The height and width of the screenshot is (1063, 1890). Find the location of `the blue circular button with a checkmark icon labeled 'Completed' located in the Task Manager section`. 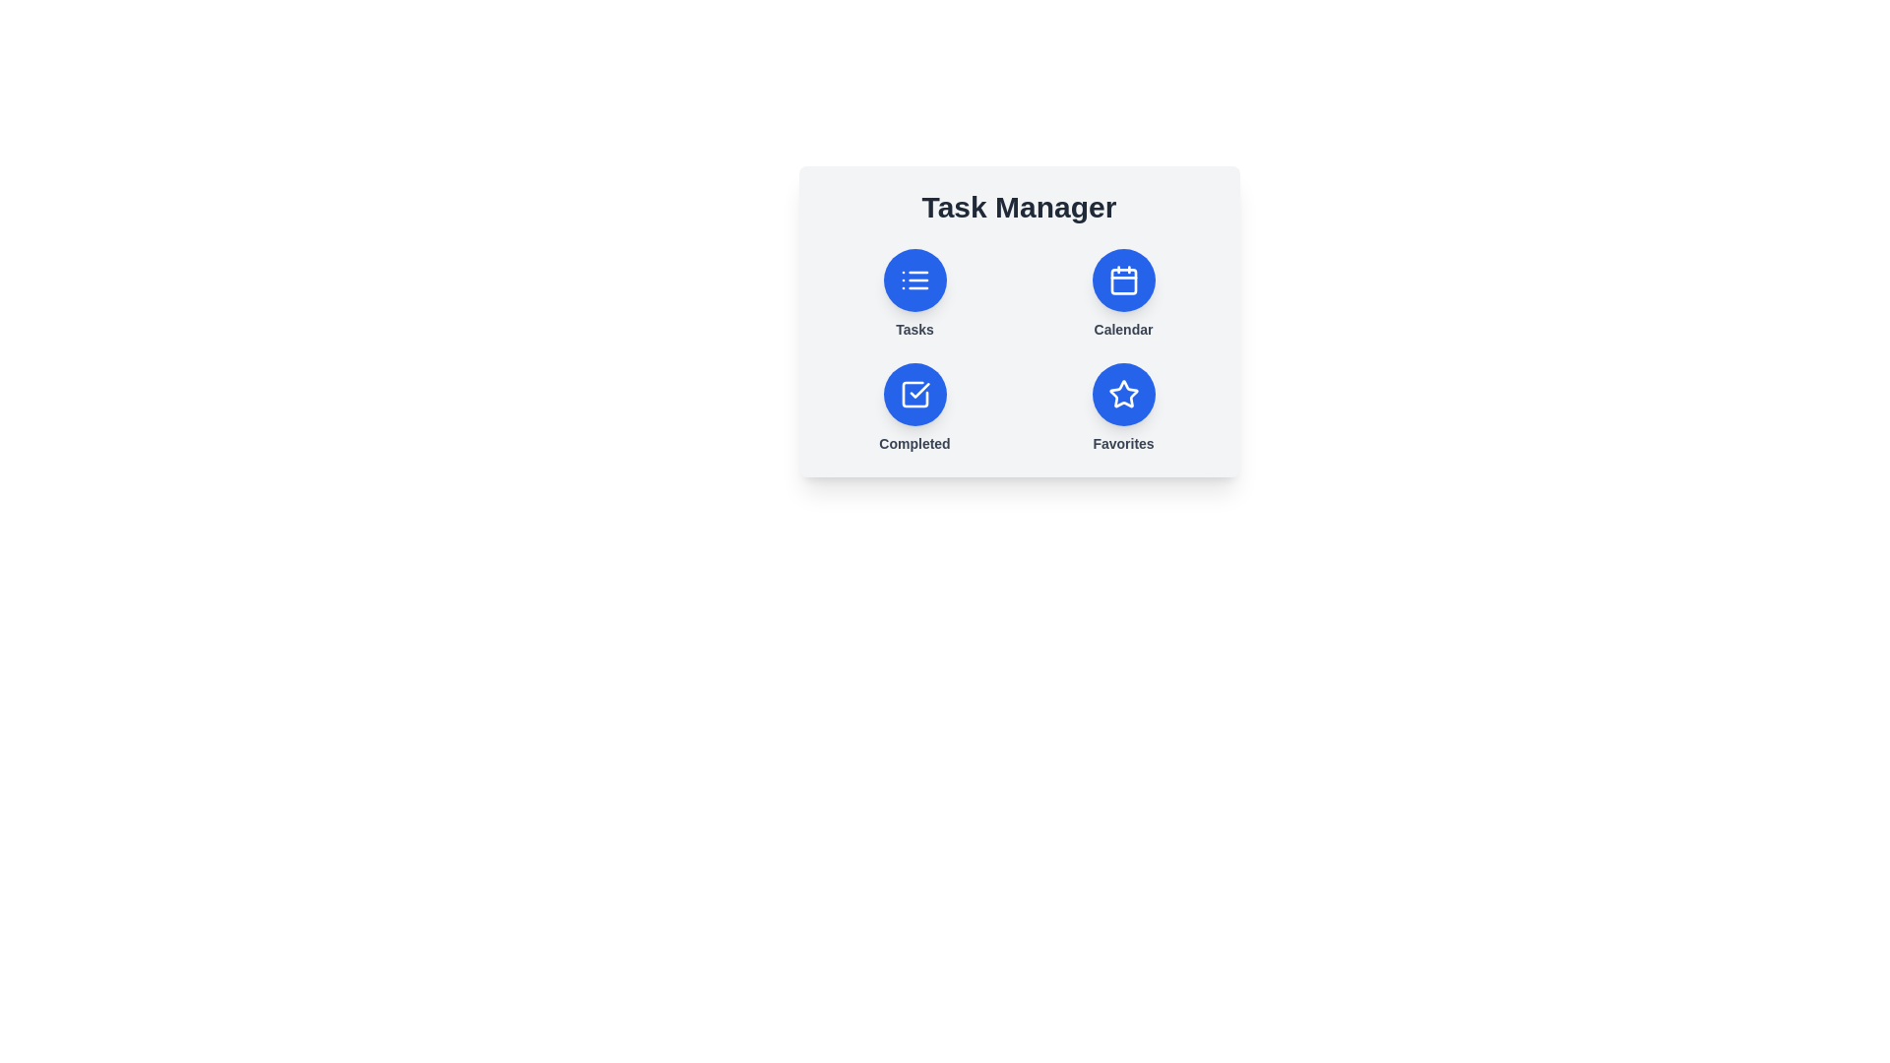

the blue circular button with a checkmark icon labeled 'Completed' located in the Task Manager section is located at coordinates (913, 407).